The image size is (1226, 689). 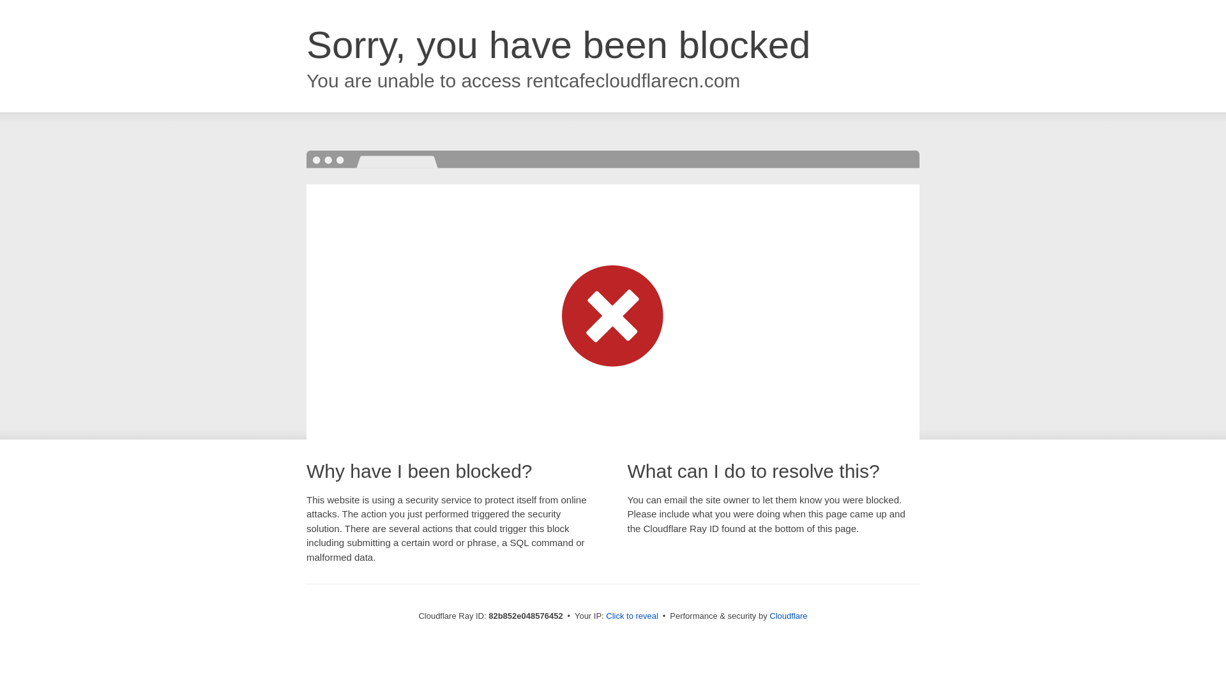 What do you see at coordinates (632, 615) in the screenshot?
I see `'Click to reveal'` at bounding box center [632, 615].